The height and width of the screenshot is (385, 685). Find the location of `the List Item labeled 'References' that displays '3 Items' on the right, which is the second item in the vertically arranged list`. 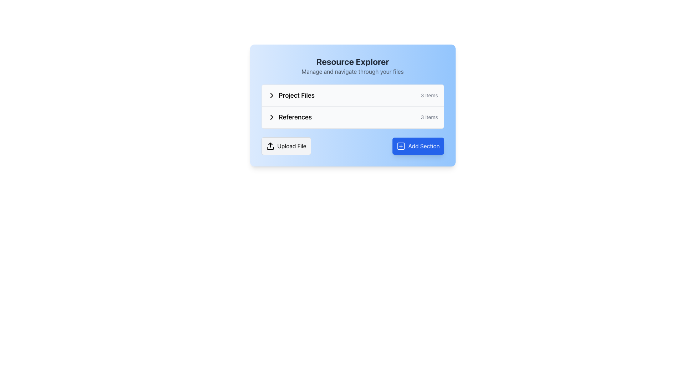

the List Item labeled 'References' that displays '3 Items' on the right, which is the second item in the vertically arranged list is located at coordinates (352, 117).